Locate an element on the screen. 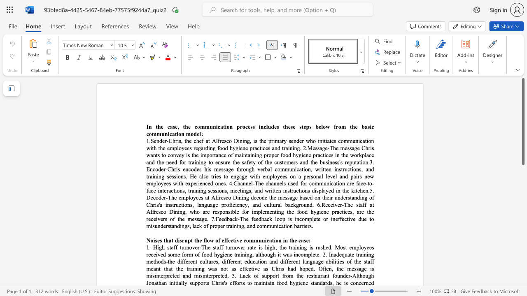 The height and width of the screenshot is (296, 527). the 2th character "r" in the text is located at coordinates (299, 204).